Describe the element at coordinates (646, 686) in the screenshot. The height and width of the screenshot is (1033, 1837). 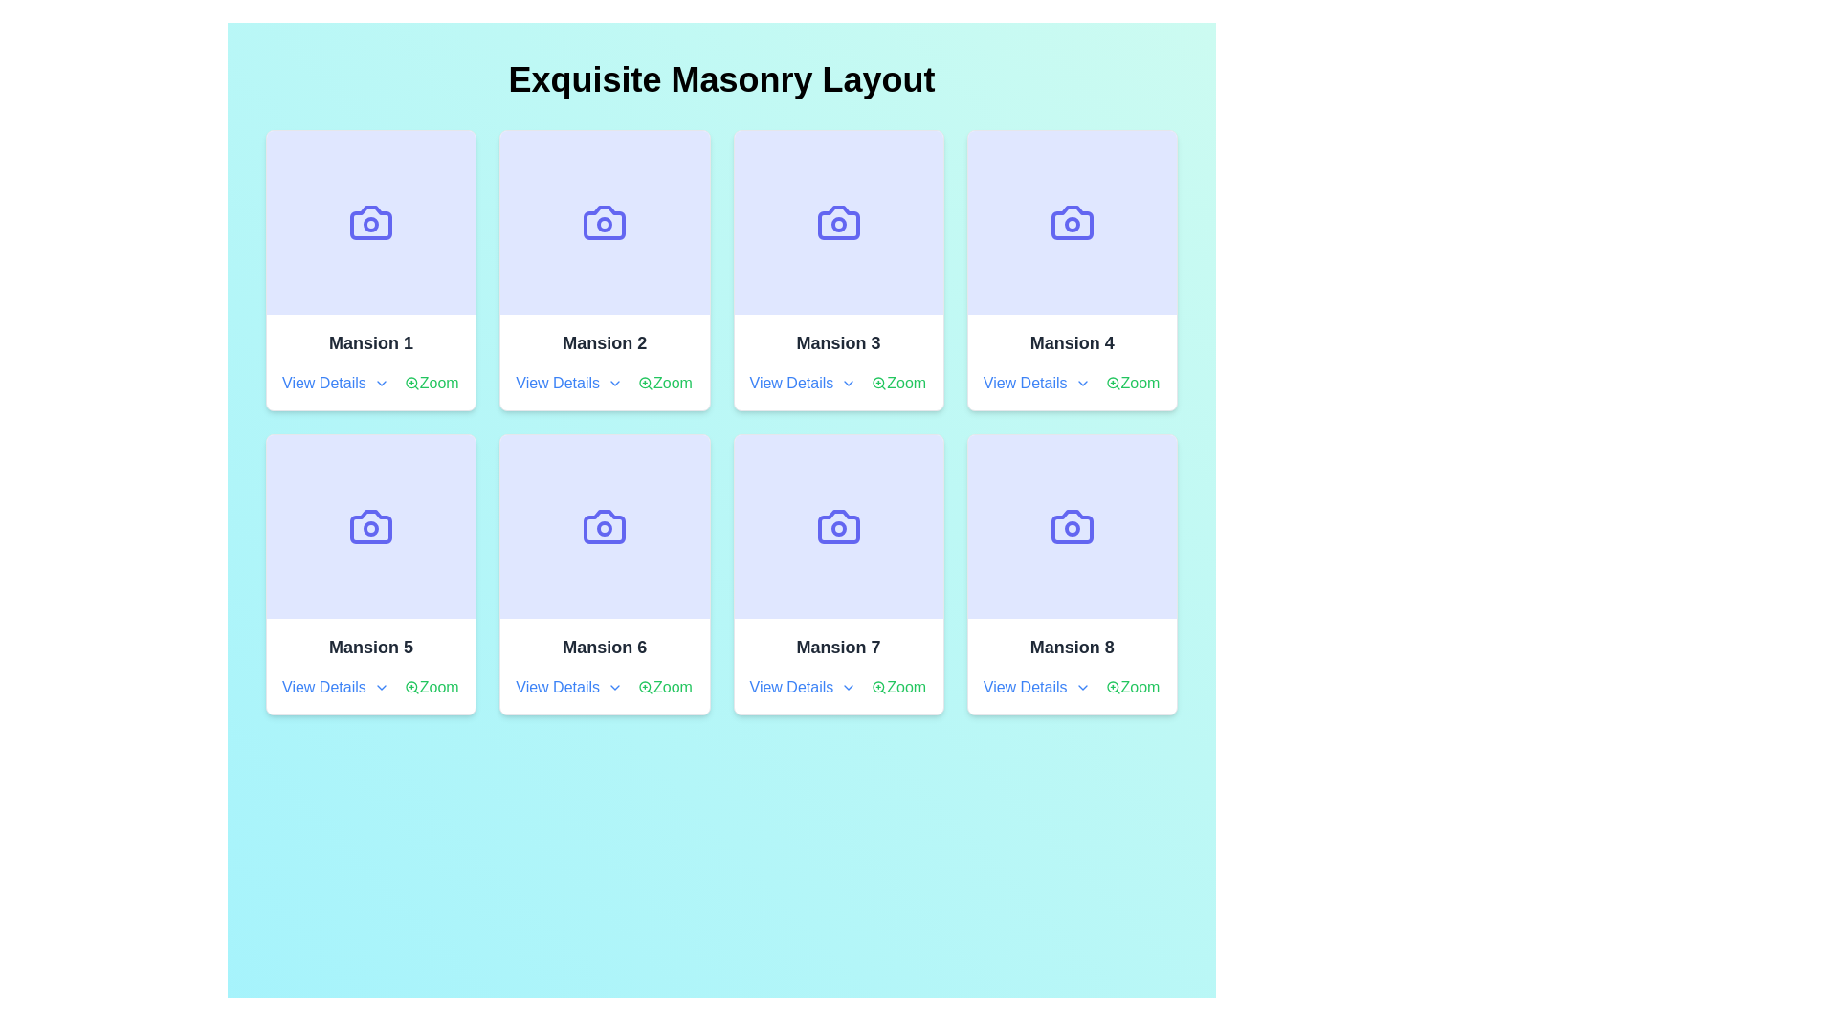
I see `the zoom icon located within the sixth card ('Mansion 6') of the 8-card grid layout` at that location.